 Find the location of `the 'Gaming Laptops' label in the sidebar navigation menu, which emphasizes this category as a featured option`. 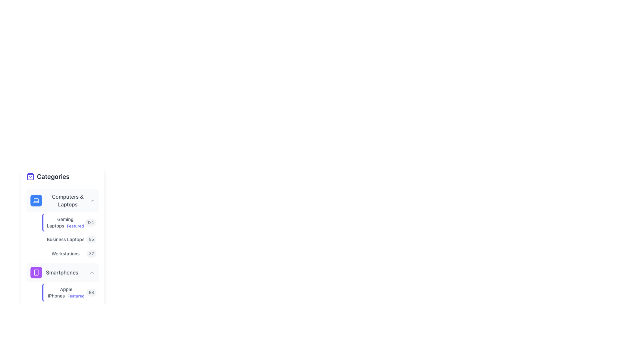

the 'Gaming Laptops' label in the sidebar navigation menu, which emphasizes this category as a featured option is located at coordinates (75, 226).